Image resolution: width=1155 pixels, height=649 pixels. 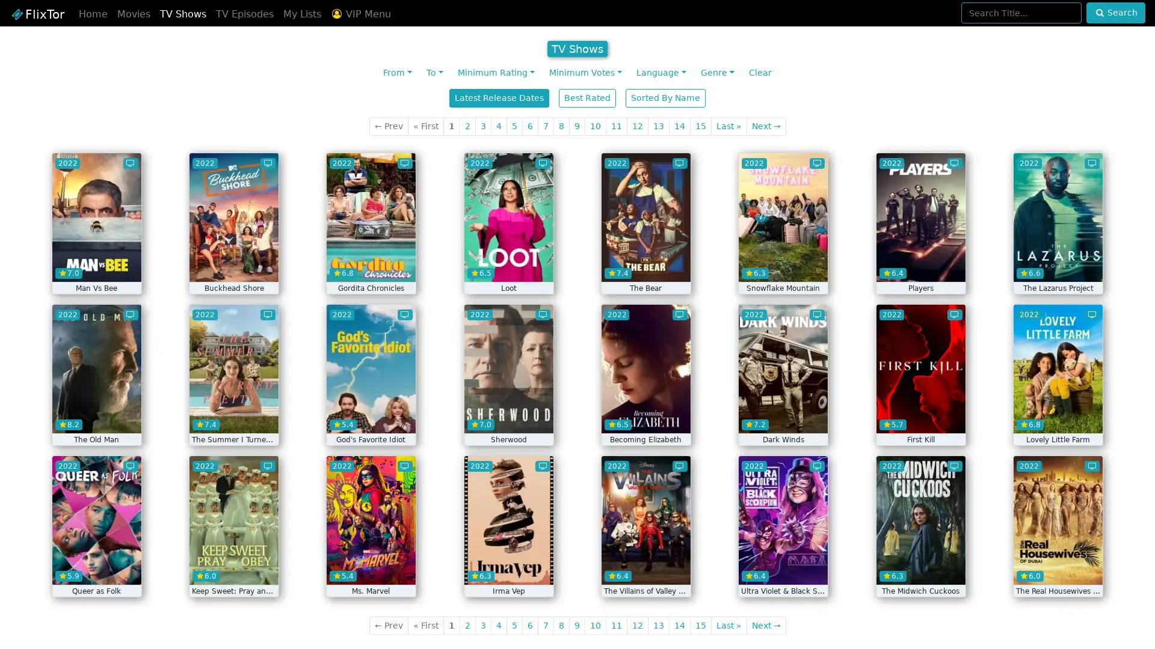 What do you see at coordinates (95, 263) in the screenshot?
I see `Watch Now` at bounding box center [95, 263].